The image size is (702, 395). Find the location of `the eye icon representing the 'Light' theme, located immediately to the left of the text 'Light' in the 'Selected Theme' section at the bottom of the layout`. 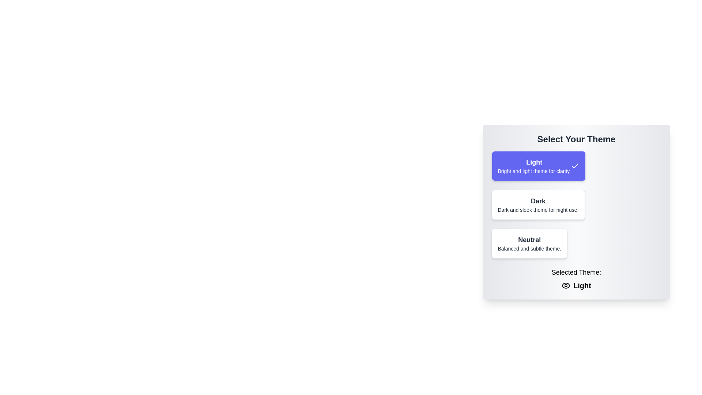

the eye icon representing the 'Light' theme, located immediately to the left of the text 'Light' in the 'Selected Theme' section at the bottom of the layout is located at coordinates (566, 285).